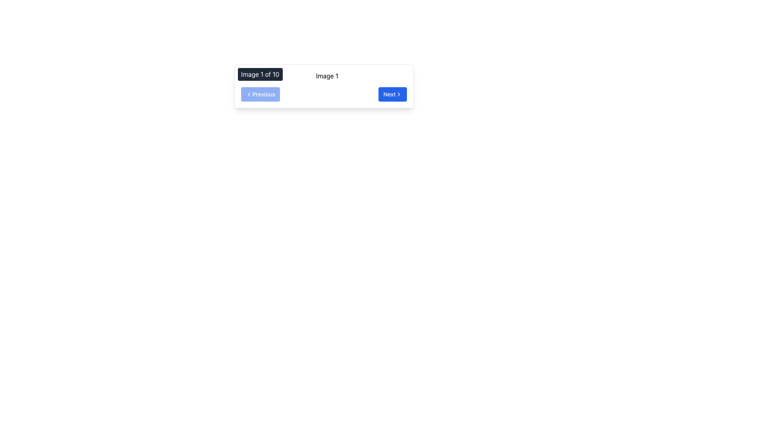 The image size is (769, 432). Describe the element at coordinates (249, 94) in the screenshot. I see `the left-pointing chevron icon indicating backward navigation, which is located to the left of the 'Previous' button in the navigation bar` at that location.